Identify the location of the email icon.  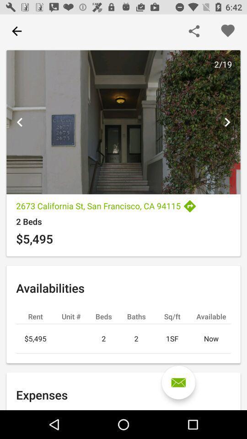
(178, 382).